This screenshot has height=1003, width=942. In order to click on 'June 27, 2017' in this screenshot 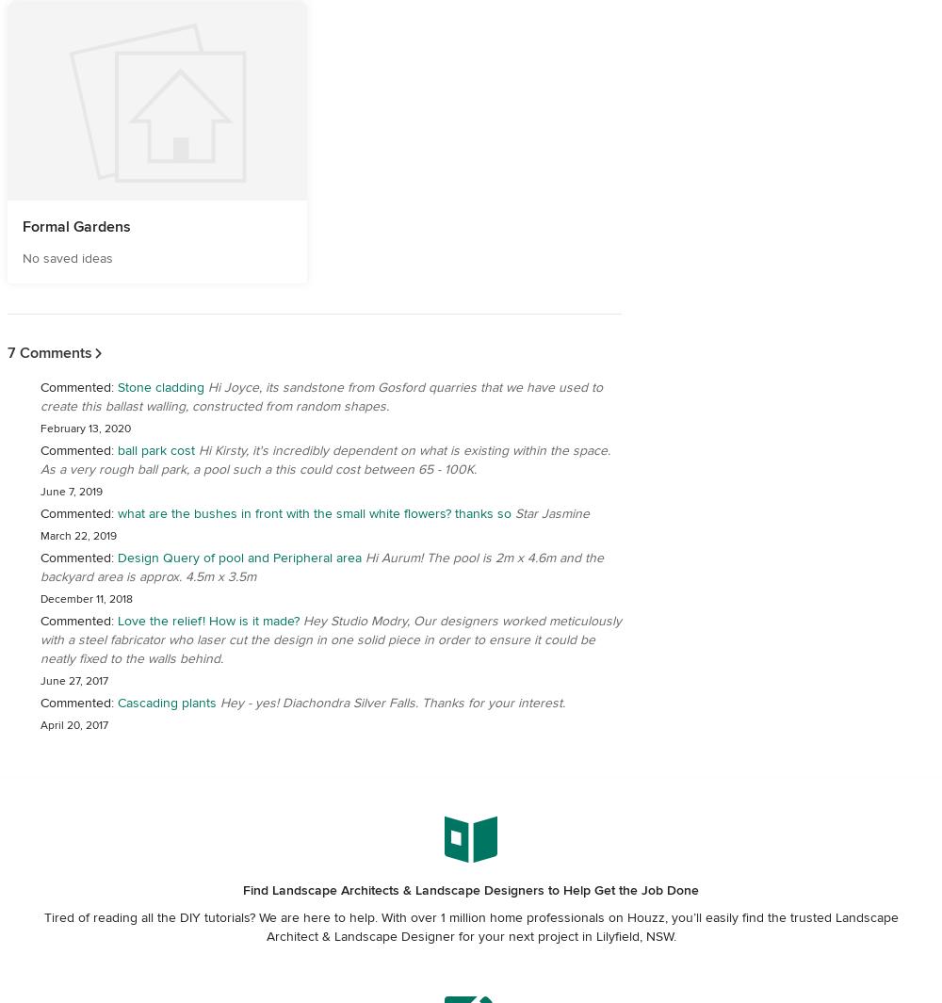, I will do `click(73, 681)`.